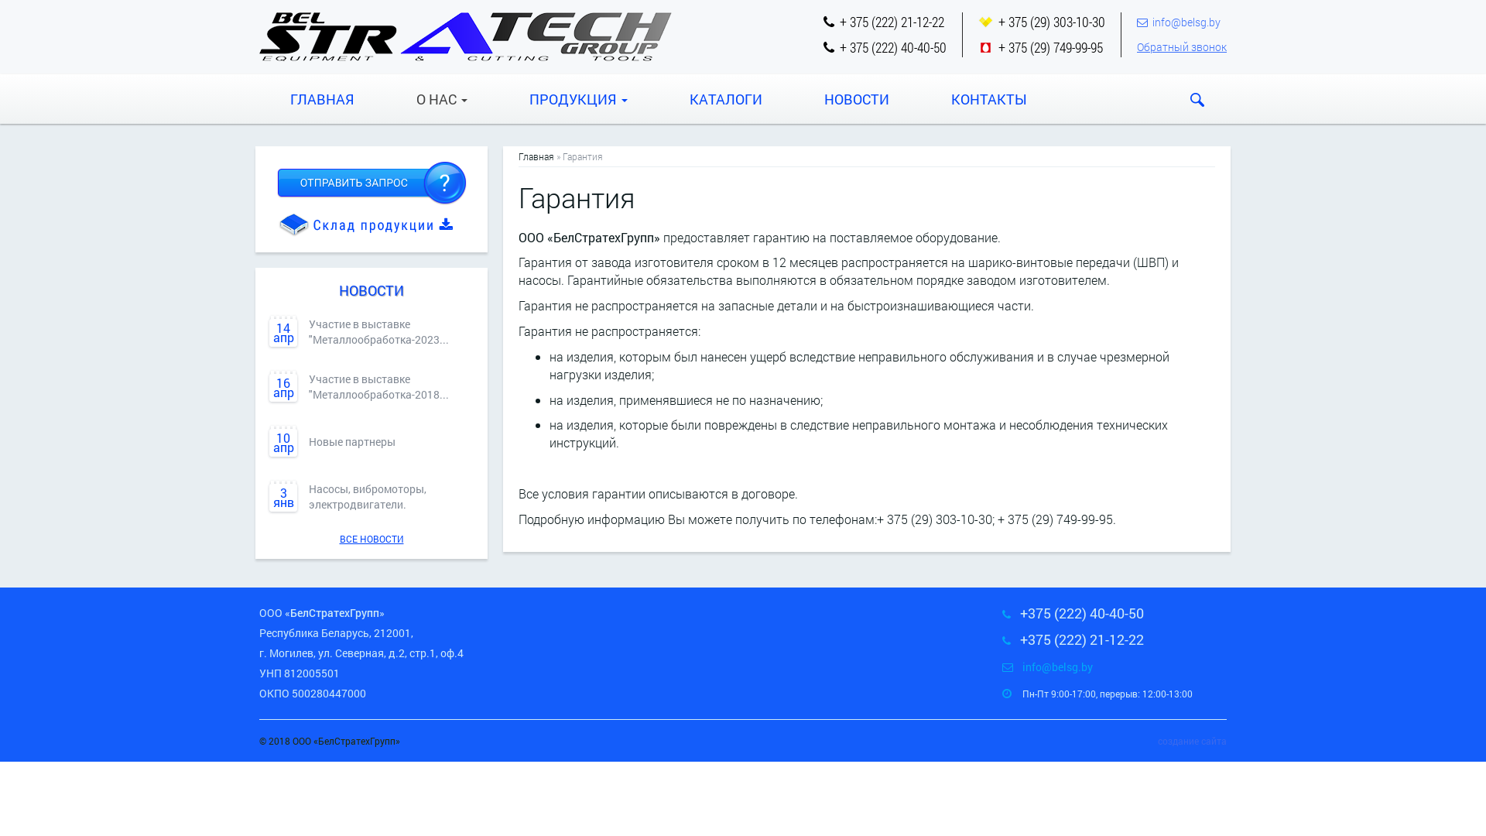 The image size is (1486, 836). Describe the element at coordinates (1185, 22) in the screenshot. I see `'info@belsg.by'` at that location.